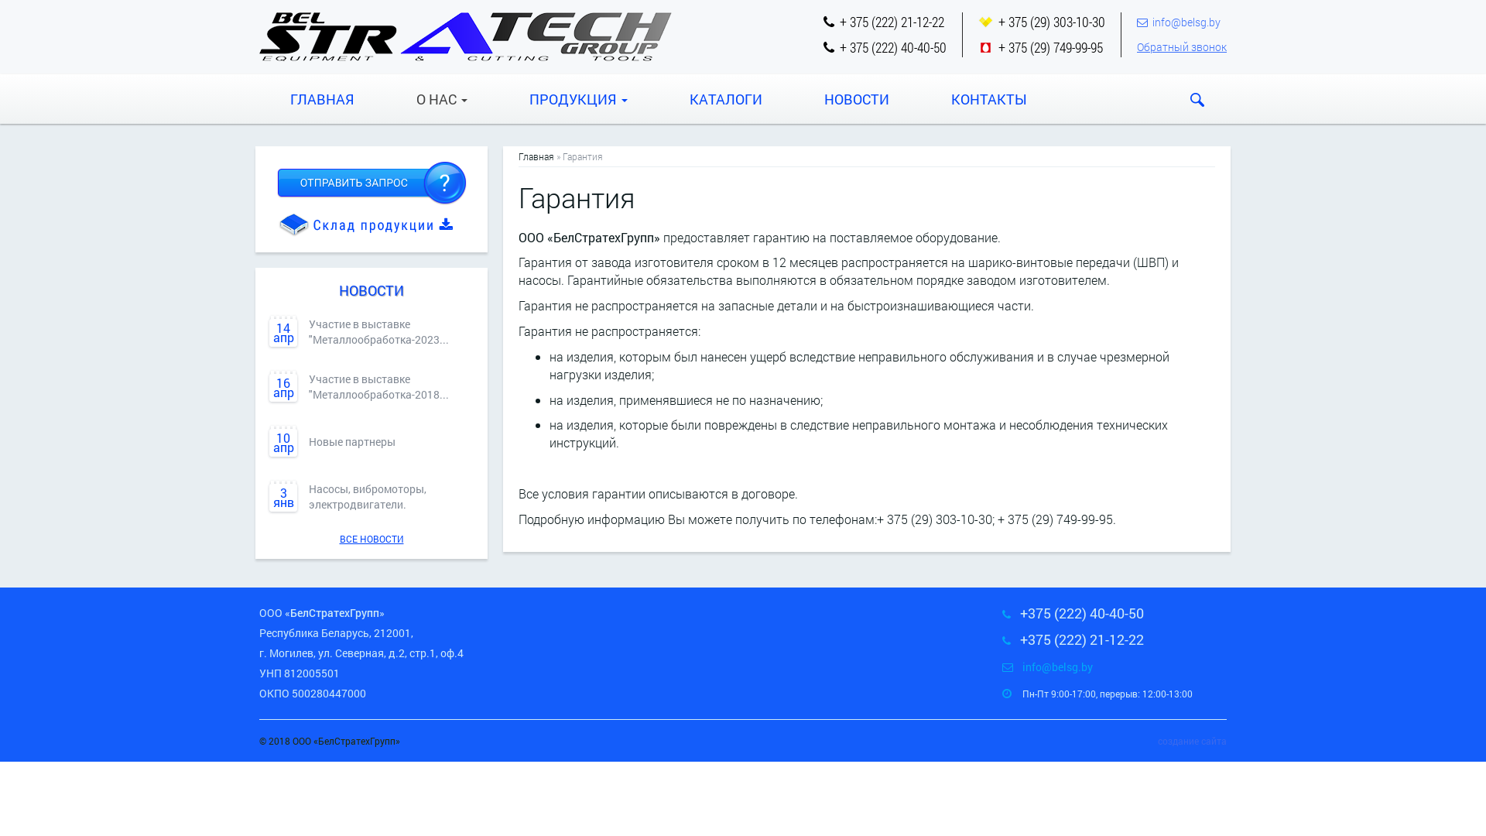 The image size is (1486, 836). Describe the element at coordinates (1185, 22) in the screenshot. I see `'info@belsg.by'` at that location.